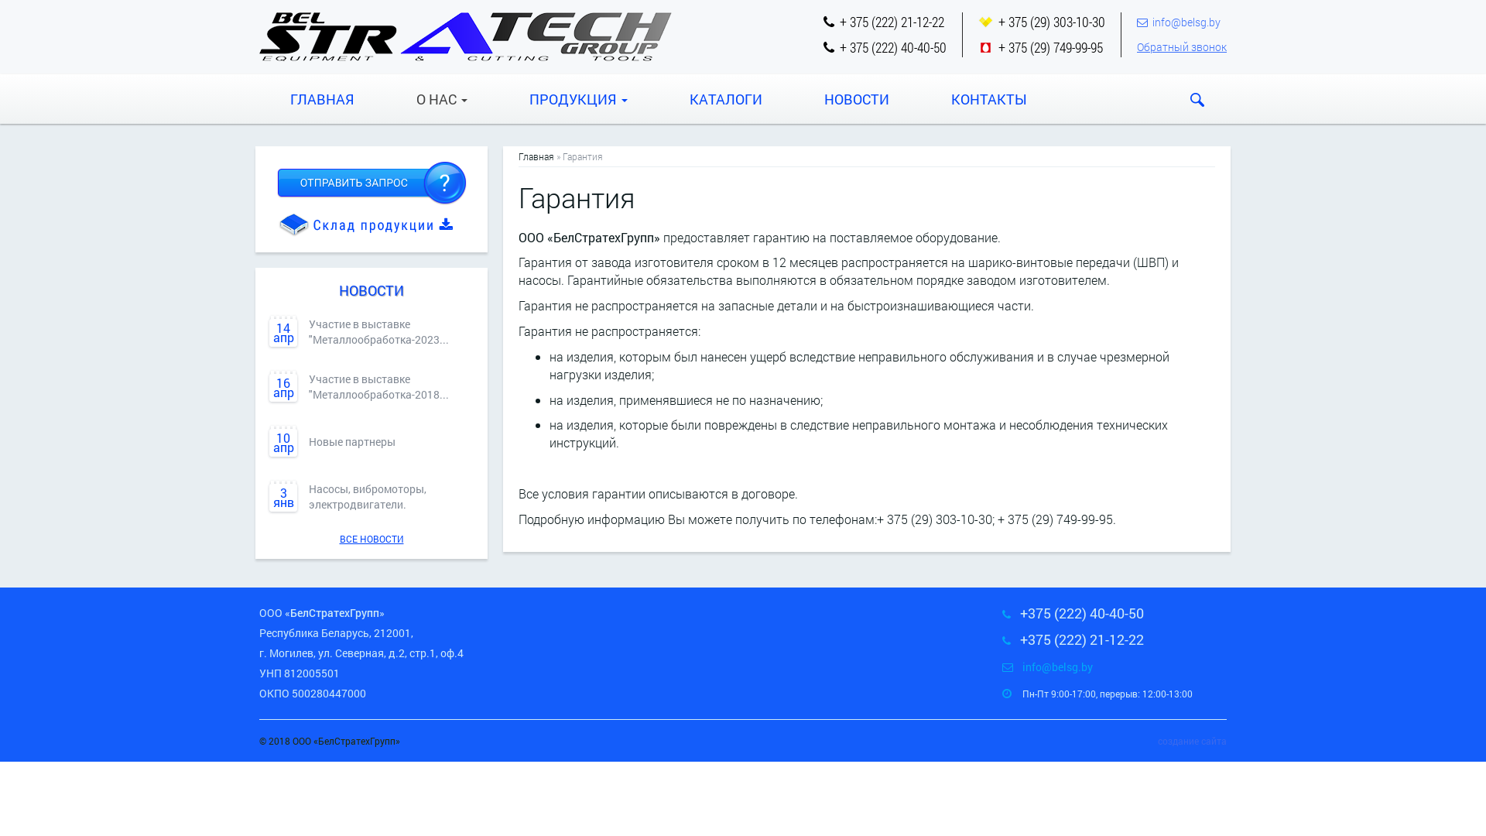 The image size is (1486, 836). Describe the element at coordinates (1185, 22) in the screenshot. I see `'info@belsg.by'` at that location.